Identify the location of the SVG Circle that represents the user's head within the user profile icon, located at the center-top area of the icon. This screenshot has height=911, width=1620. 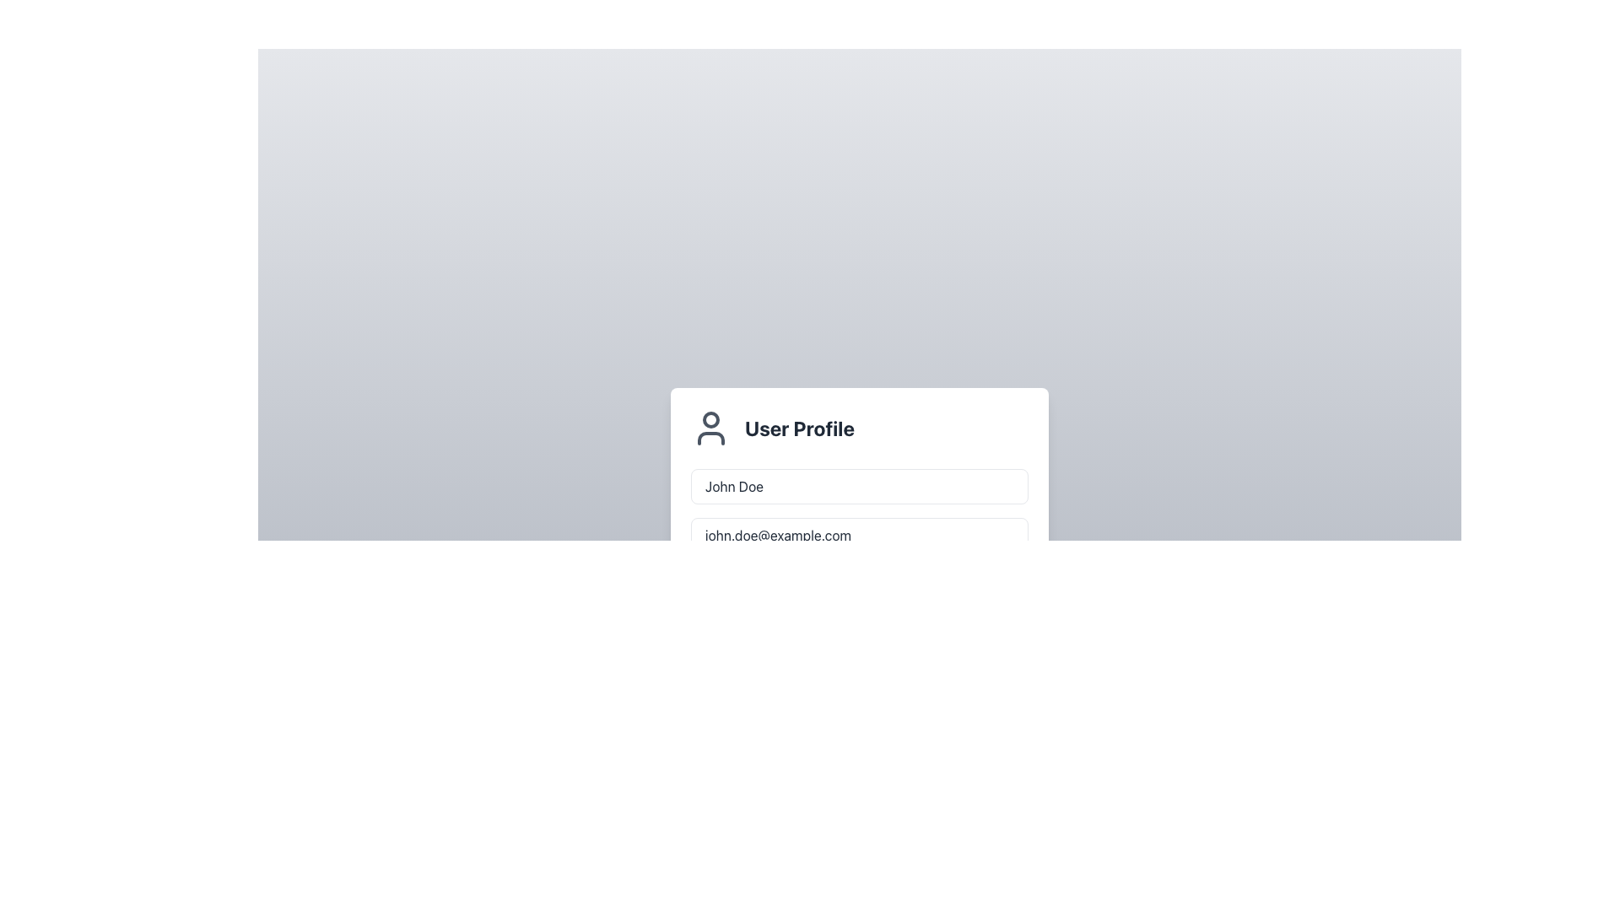
(711, 418).